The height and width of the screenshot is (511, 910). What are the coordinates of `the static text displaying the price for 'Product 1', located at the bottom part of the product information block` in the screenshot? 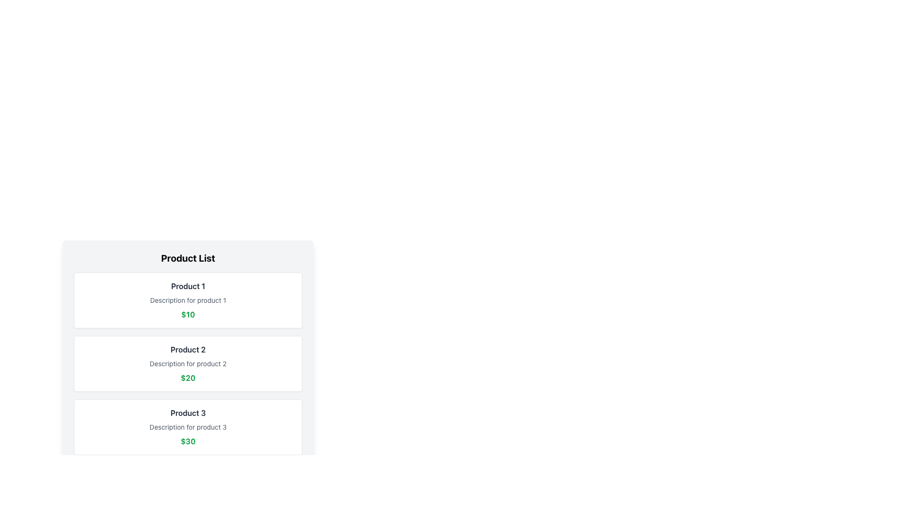 It's located at (188, 314).